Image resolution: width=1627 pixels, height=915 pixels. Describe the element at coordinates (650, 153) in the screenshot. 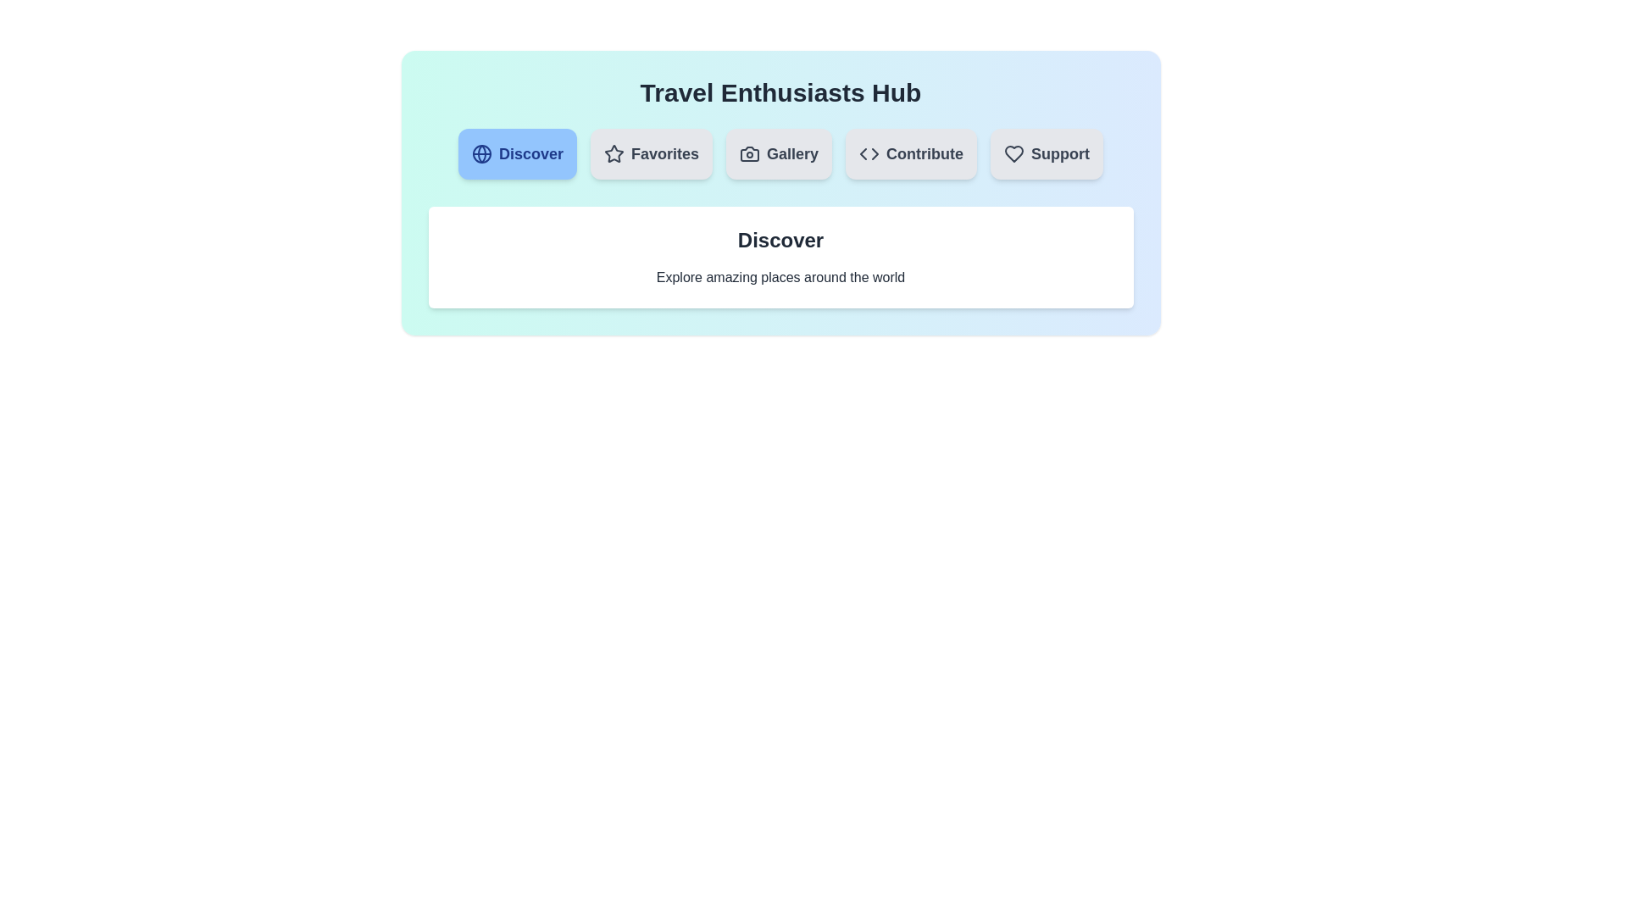

I see `the 'Favorites' button, which features a star icon and modern sans-serif text, to trigger visual feedback` at that location.